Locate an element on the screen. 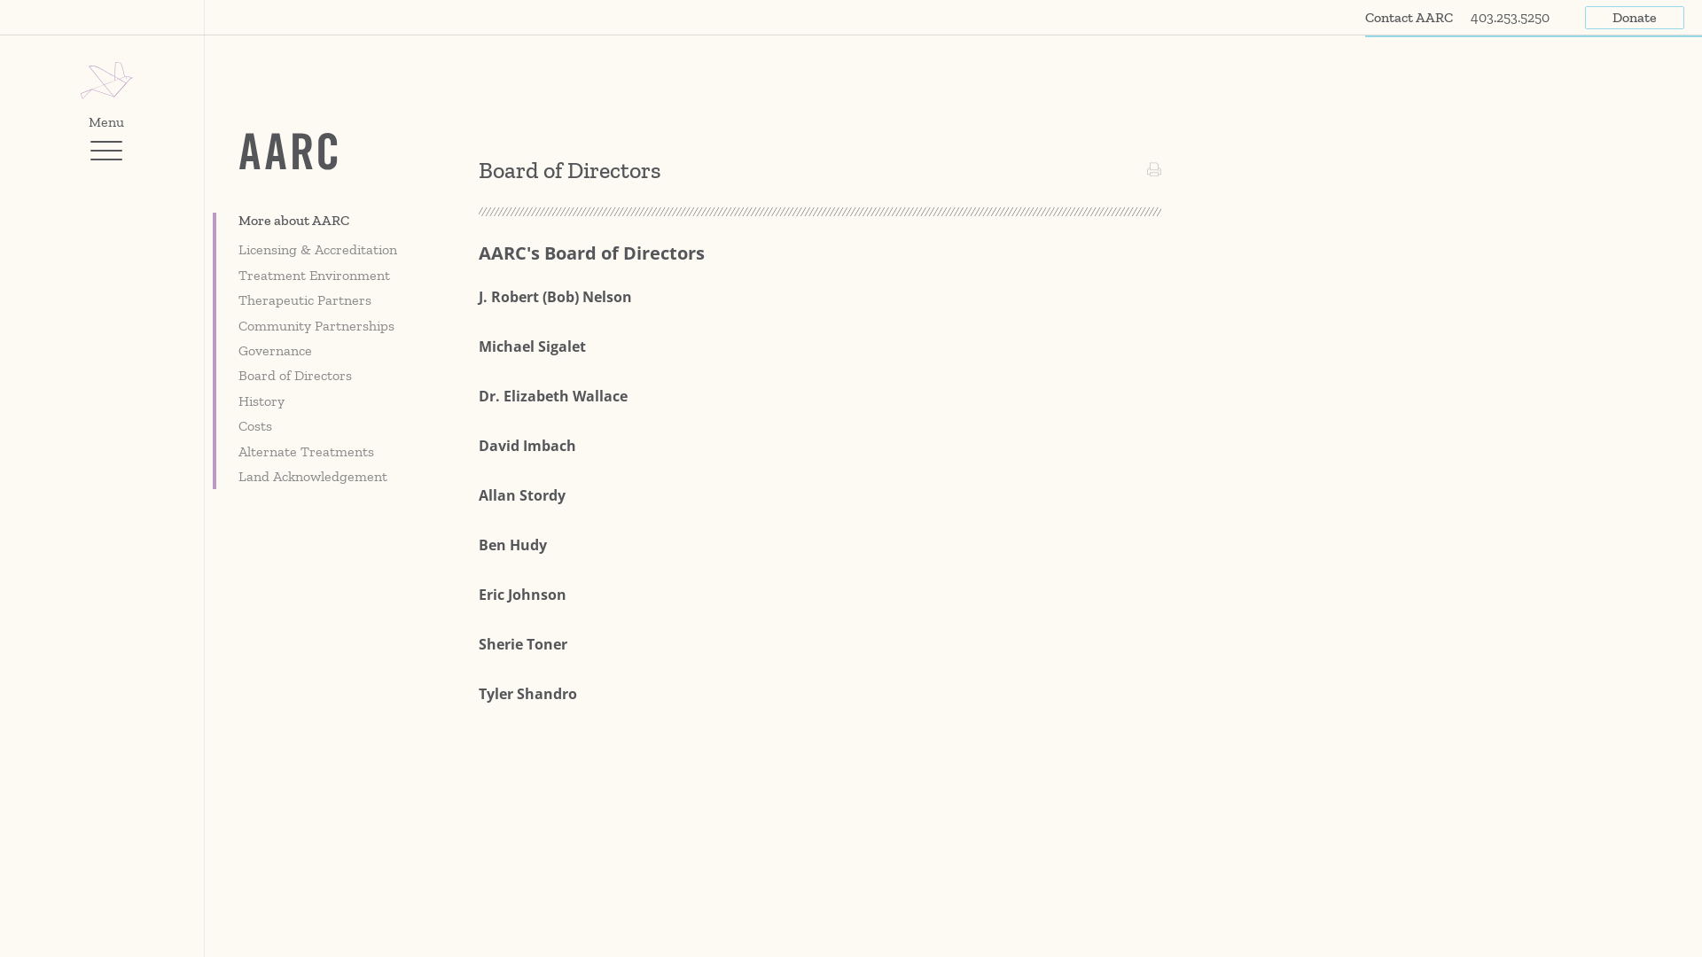 This screenshot has height=957, width=1702. 'Community Partnerships' is located at coordinates (332, 325).